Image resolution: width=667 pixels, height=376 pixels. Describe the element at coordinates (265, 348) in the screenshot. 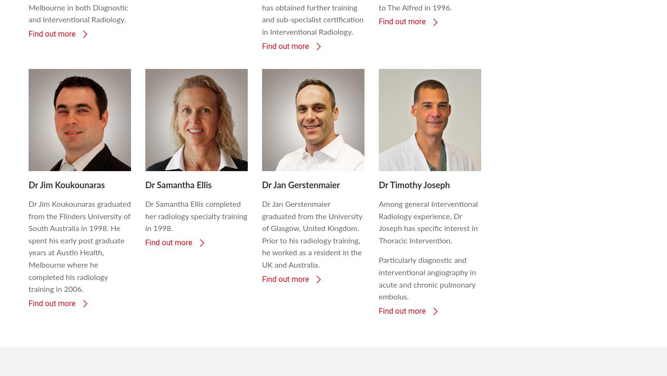

I see `'Patient resources'` at that location.